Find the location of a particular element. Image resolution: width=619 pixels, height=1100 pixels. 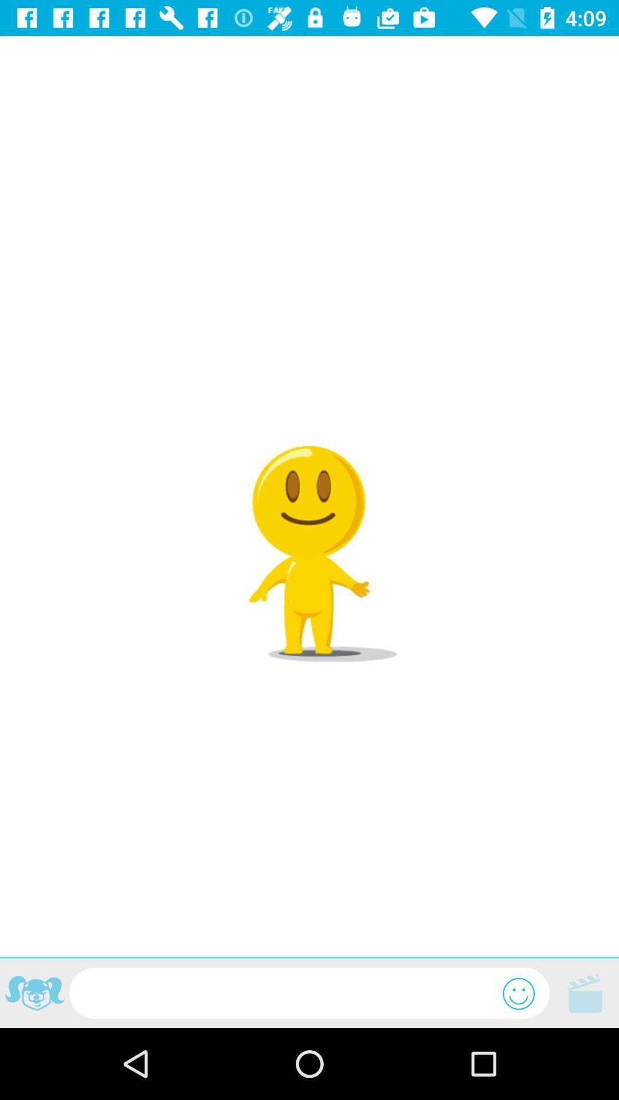

profile change is located at coordinates (34, 995).